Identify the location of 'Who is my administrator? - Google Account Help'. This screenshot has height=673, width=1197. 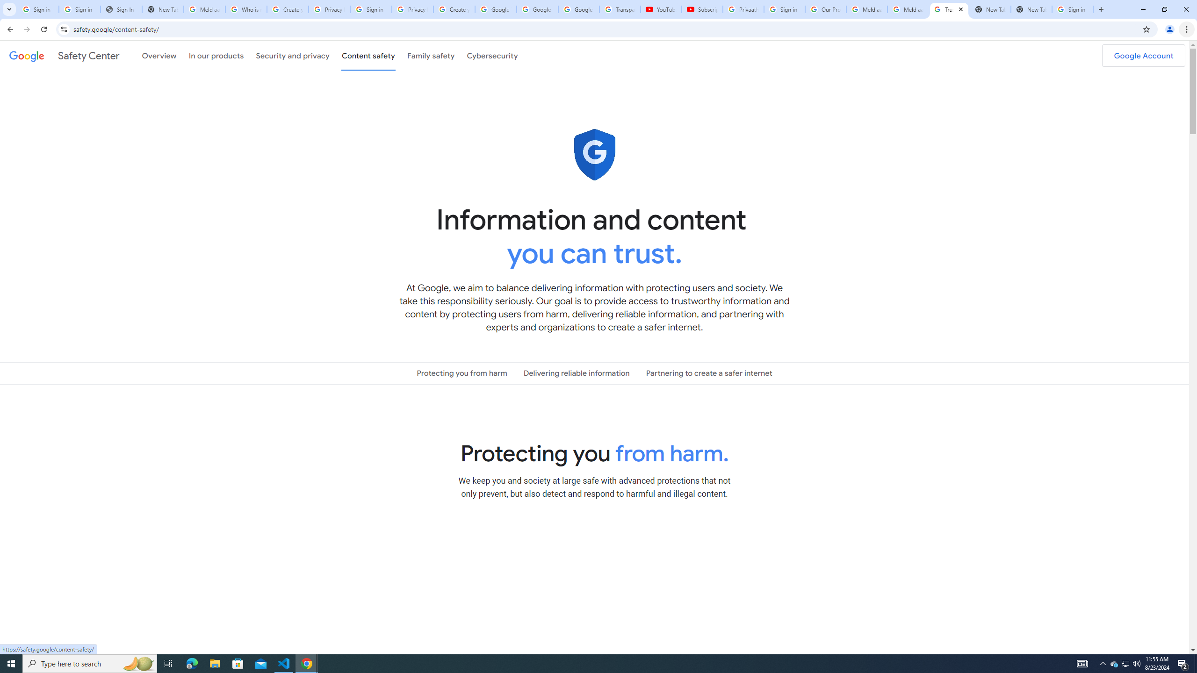
(246, 9).